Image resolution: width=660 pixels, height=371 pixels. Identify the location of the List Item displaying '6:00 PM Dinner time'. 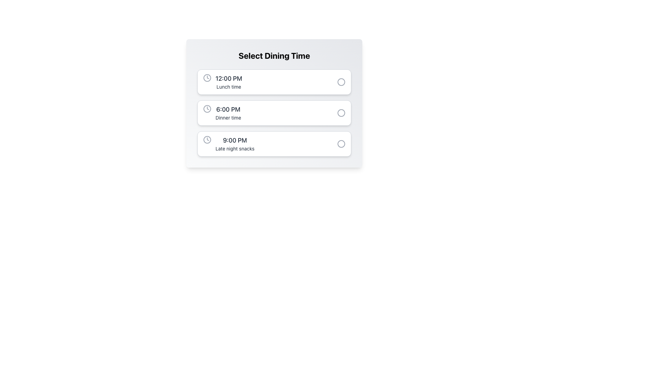
(222, 112).